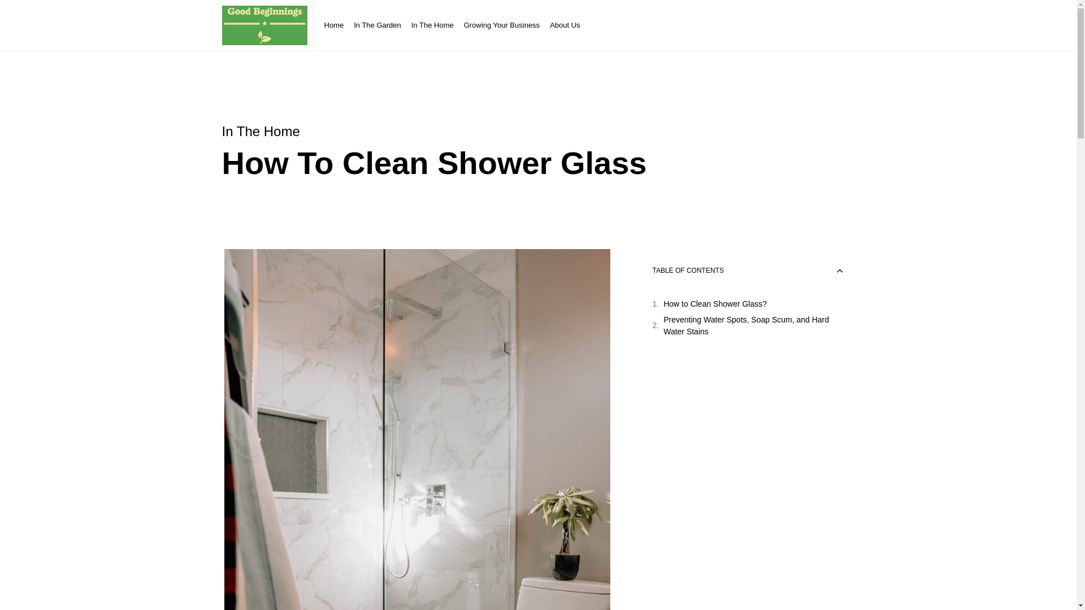 The width and height of the screenshot is (1085, 610). Describe the element at coordinates (565, 25) in the screenshot. I see `'About Us'` at that location.